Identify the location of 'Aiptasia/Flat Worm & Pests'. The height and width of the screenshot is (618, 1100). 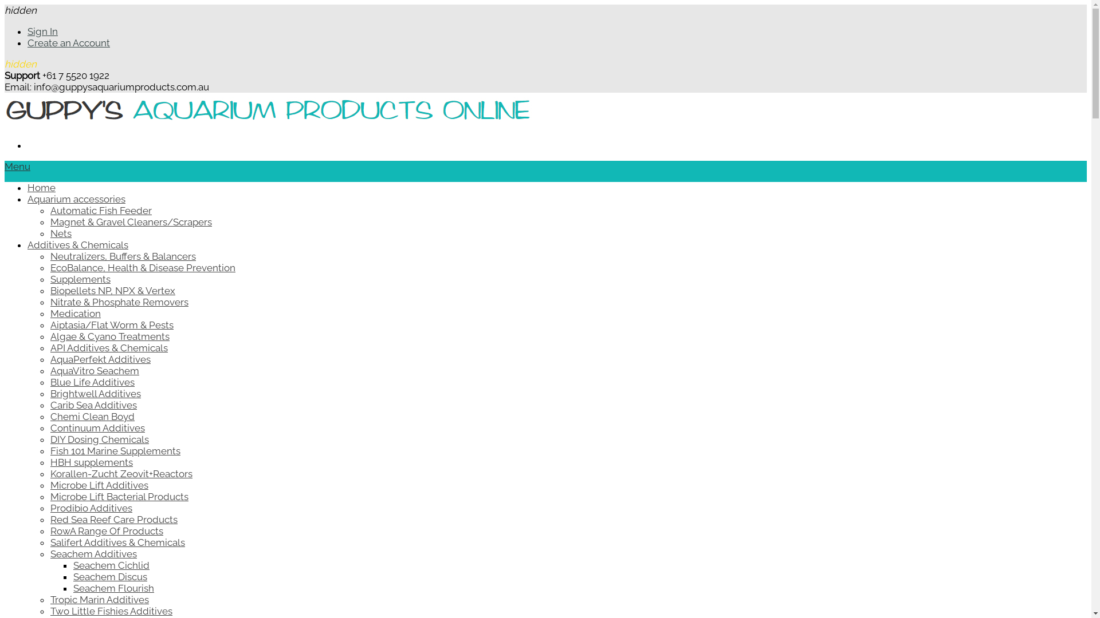
(49, 324).